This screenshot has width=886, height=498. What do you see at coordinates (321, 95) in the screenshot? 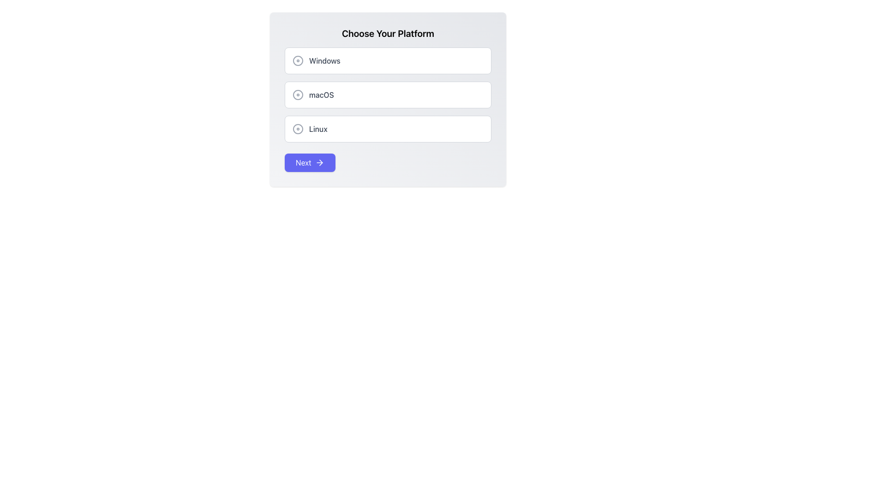
I see `the 'macOS' text label, which describes the associated radio button for the macOS platform option in the selection list` at bounding box center [321, 95].